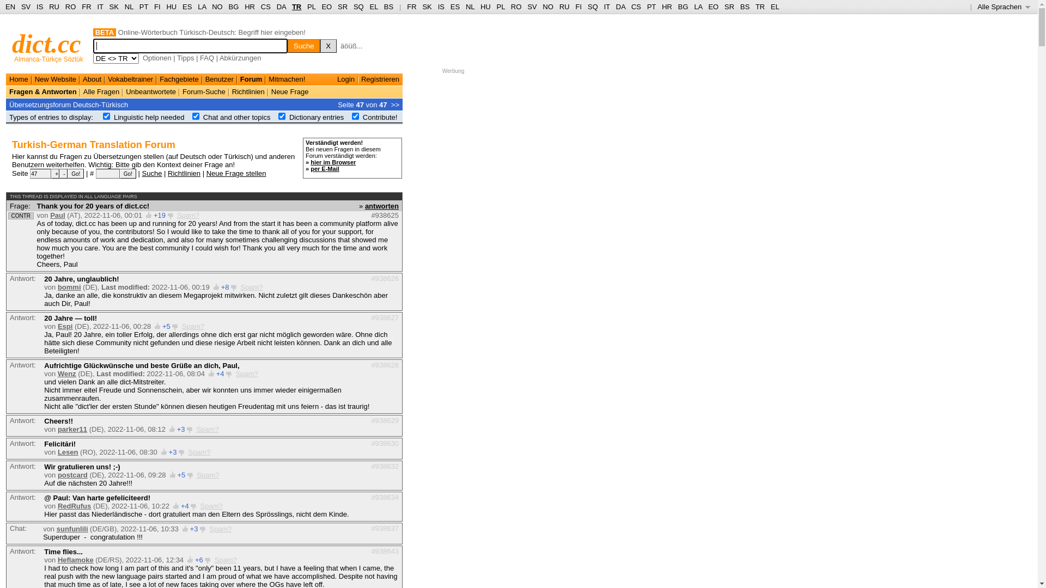 The height and width of the screenshot is (588, 1046). What do you see at coordinates (381, 205) in the screenshot?
I see `'antworten'` at bounding box center [381, 205].